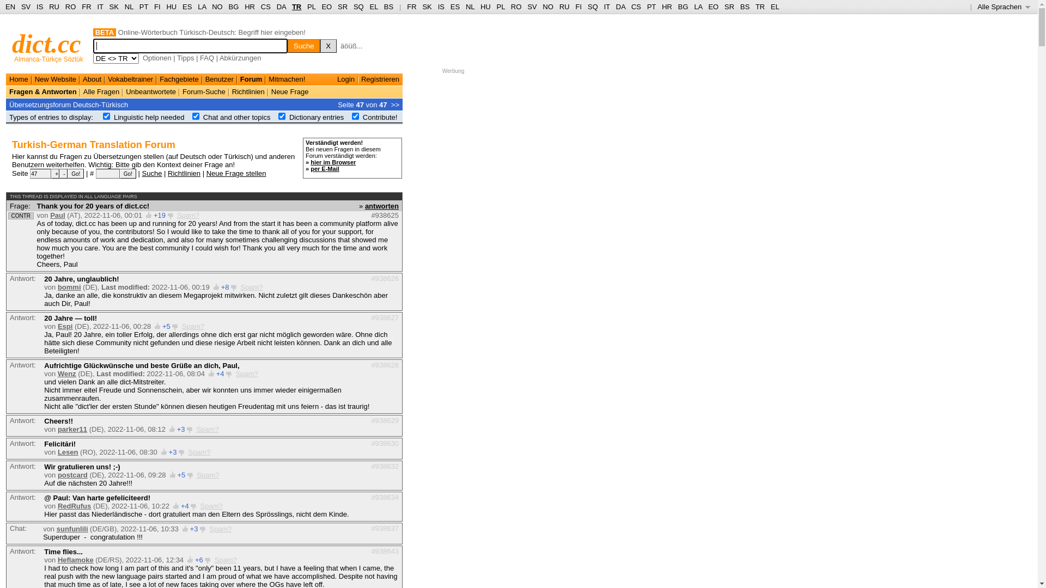 The height and width of the screenshot is (588, 1046). What do you see at coordinates (381, 205) in the screenshot?
I see `'antworten'` at bounding box center [381, 205].